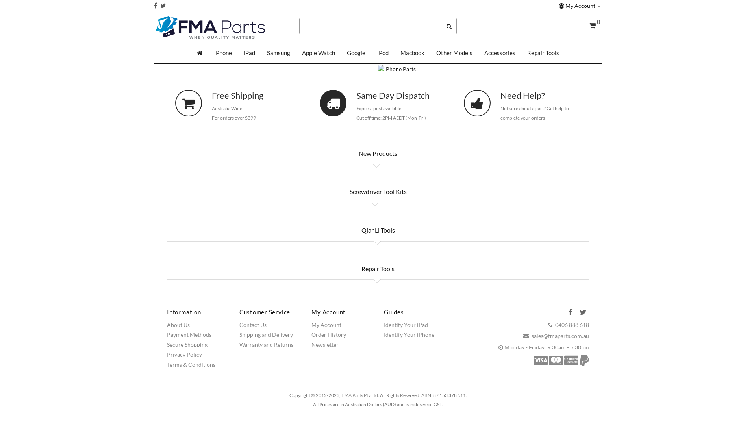 The height and width of the screenshot is (425, 756). What do you see at coordinates (378, 69) in the screenshot?
I see `'iPhone Parts'` at bounding box center [378, 69].